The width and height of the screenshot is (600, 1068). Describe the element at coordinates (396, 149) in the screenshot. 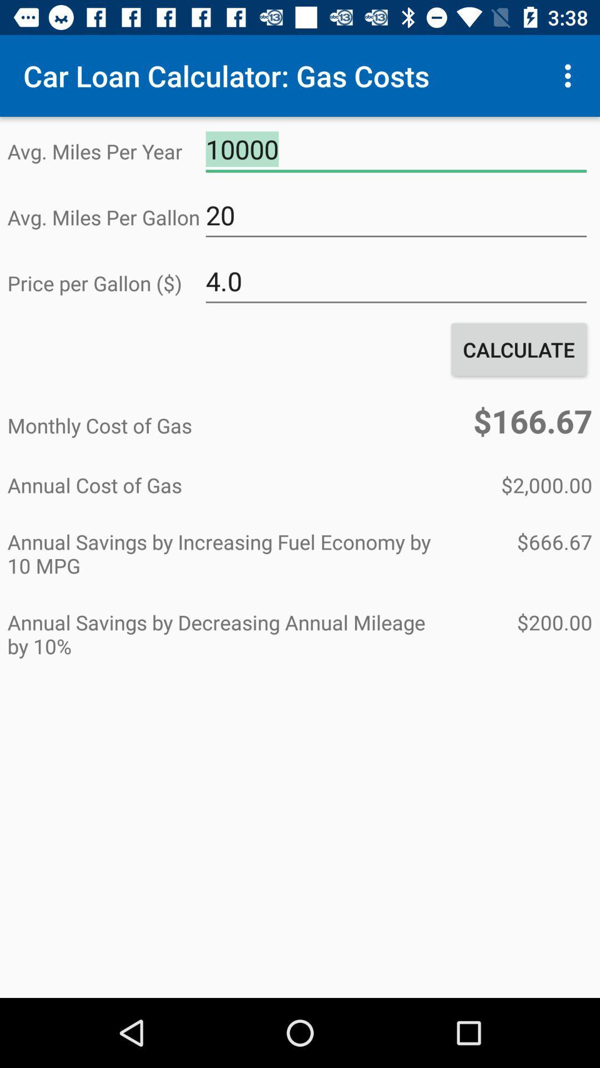

I see `the icon to the right of the avg miles per` at that location.